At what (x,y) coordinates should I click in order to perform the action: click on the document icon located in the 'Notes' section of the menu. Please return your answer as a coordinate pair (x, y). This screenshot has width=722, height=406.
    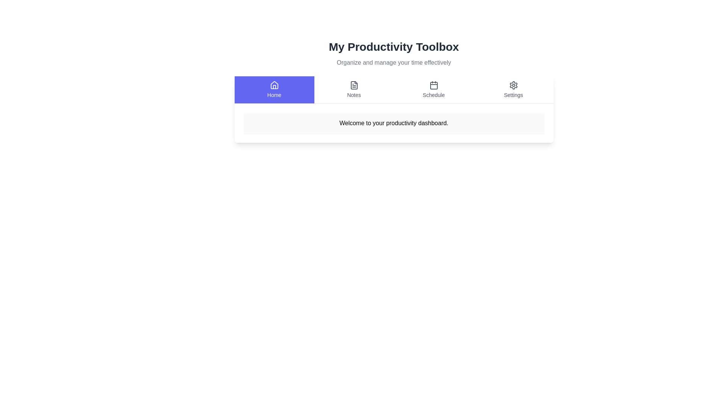
    Looking at the image, I should click on (353, 85).